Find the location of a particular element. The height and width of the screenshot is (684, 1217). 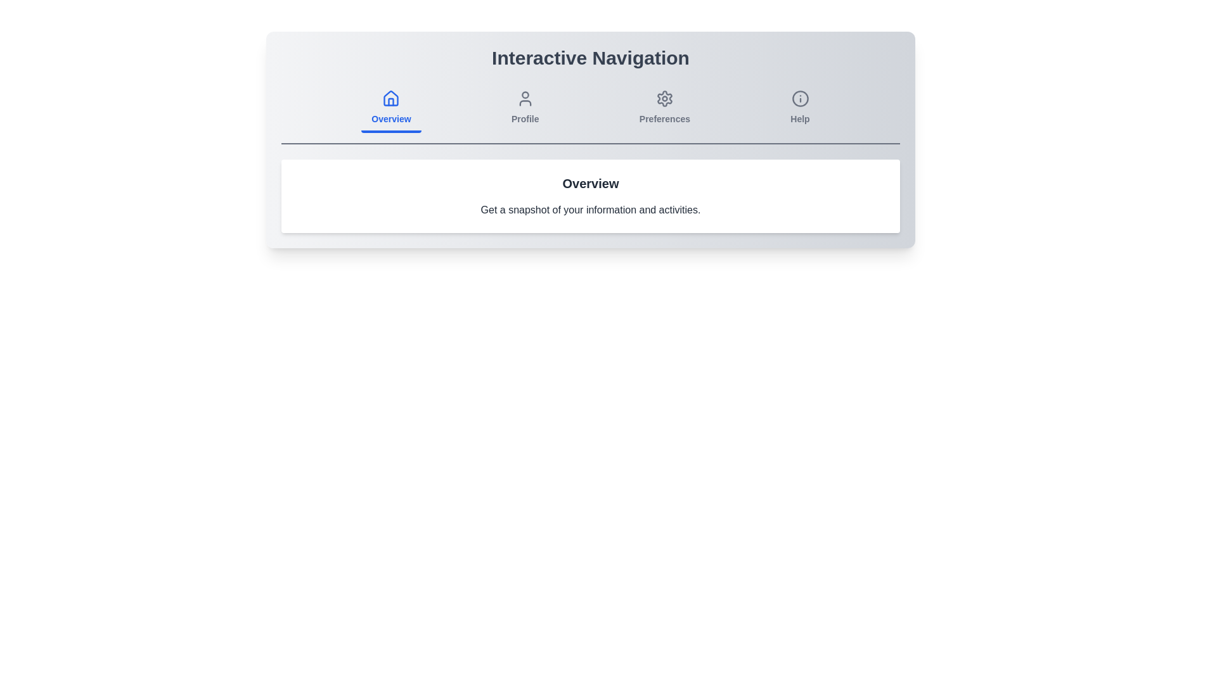

the tab labeled Help to inspect its content and layout is located at coordinates (799, 108).